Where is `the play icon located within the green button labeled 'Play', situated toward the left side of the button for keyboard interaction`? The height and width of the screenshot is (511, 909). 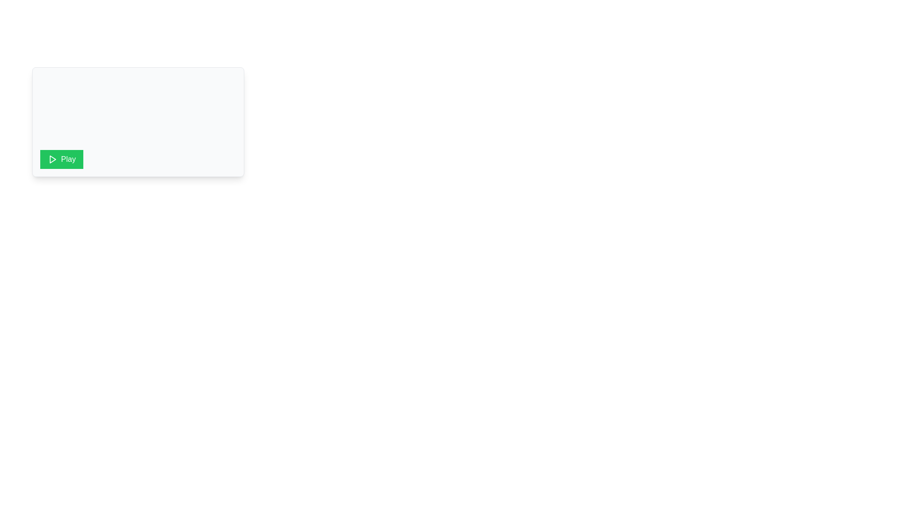 the play icon located within the green button labeled 'Play', situated toward the left side of the button for keyboard interaction is located at coordinates (52, 159).